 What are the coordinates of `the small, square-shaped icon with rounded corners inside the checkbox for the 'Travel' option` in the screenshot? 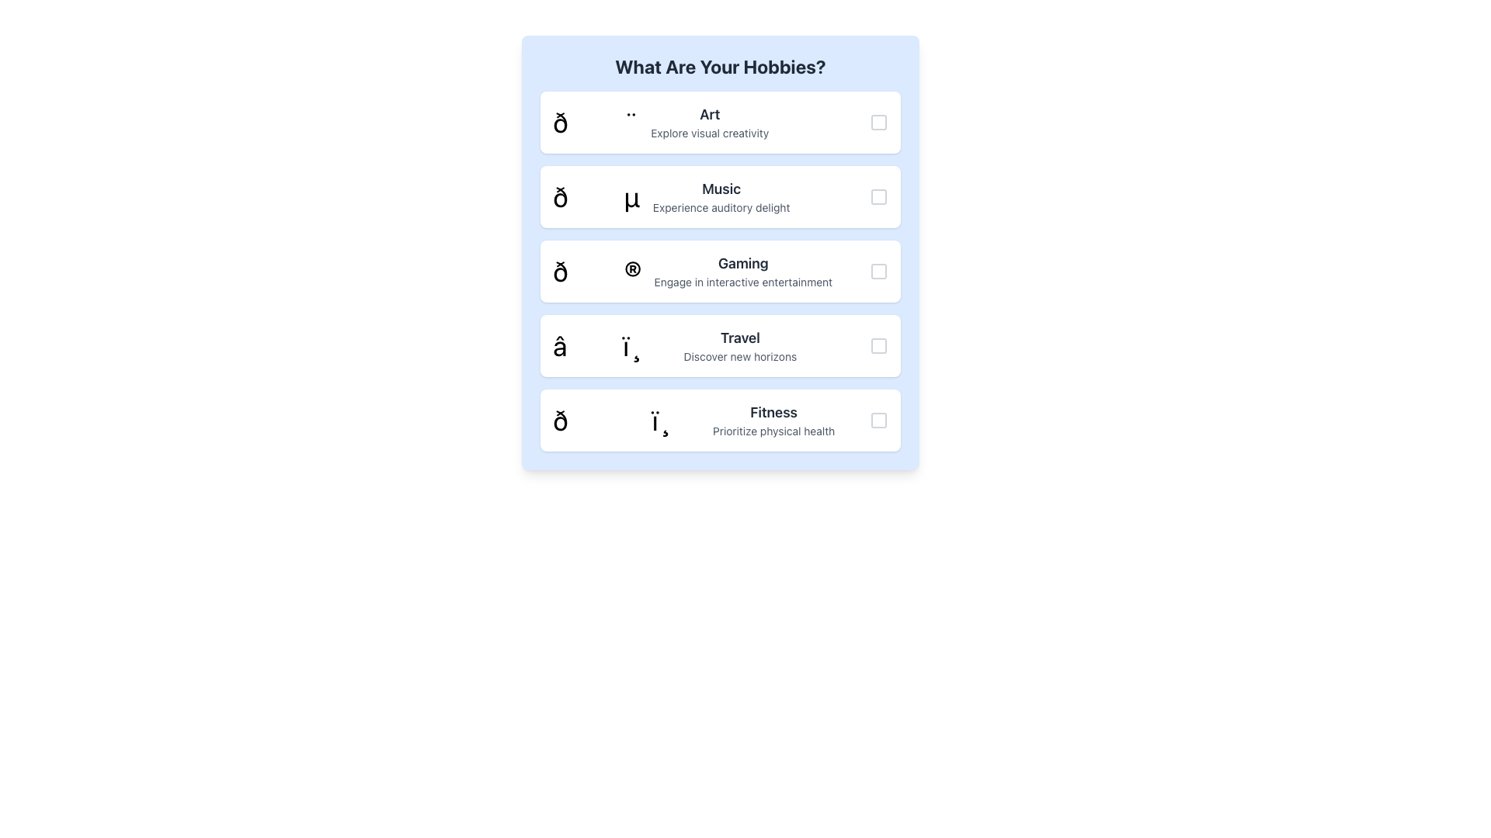 It's located at (879, 345).